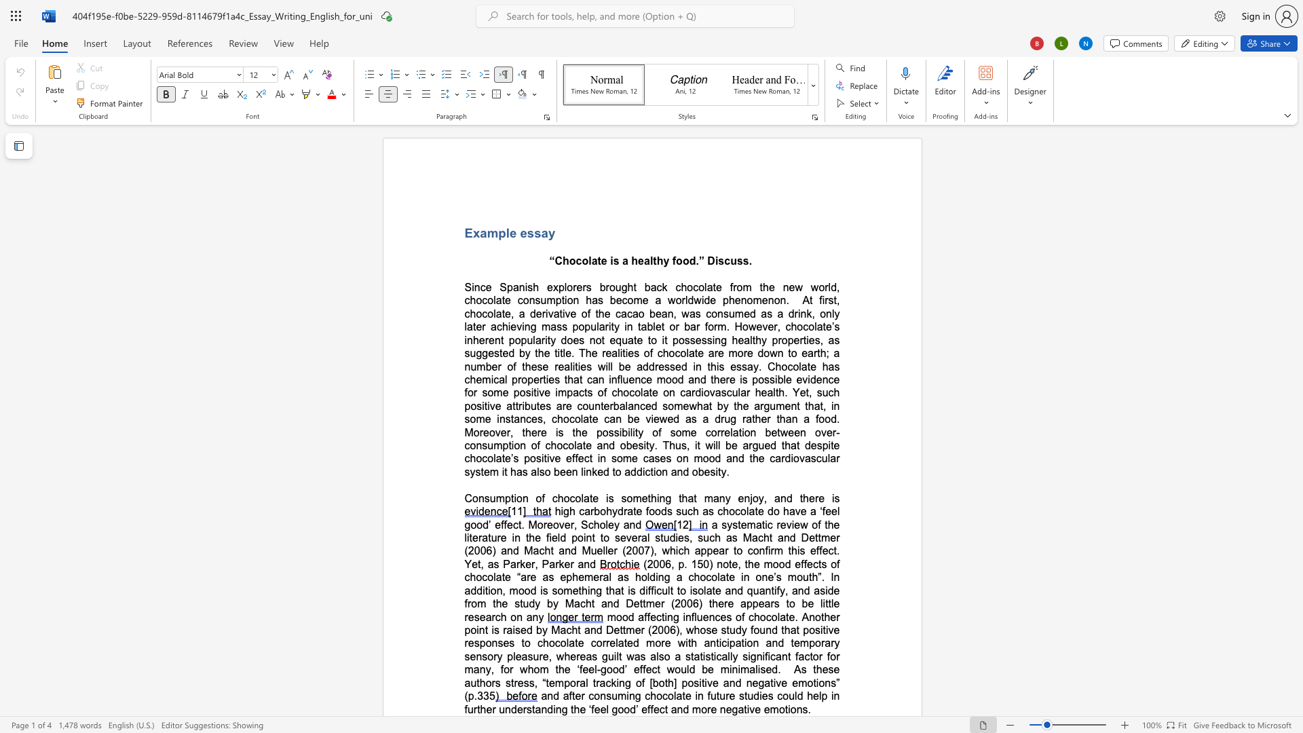  What do you see at coordinates (575, 326) in the screenshot?
I see `the 1th character "p" in the text` at bounding box center [575, 326].